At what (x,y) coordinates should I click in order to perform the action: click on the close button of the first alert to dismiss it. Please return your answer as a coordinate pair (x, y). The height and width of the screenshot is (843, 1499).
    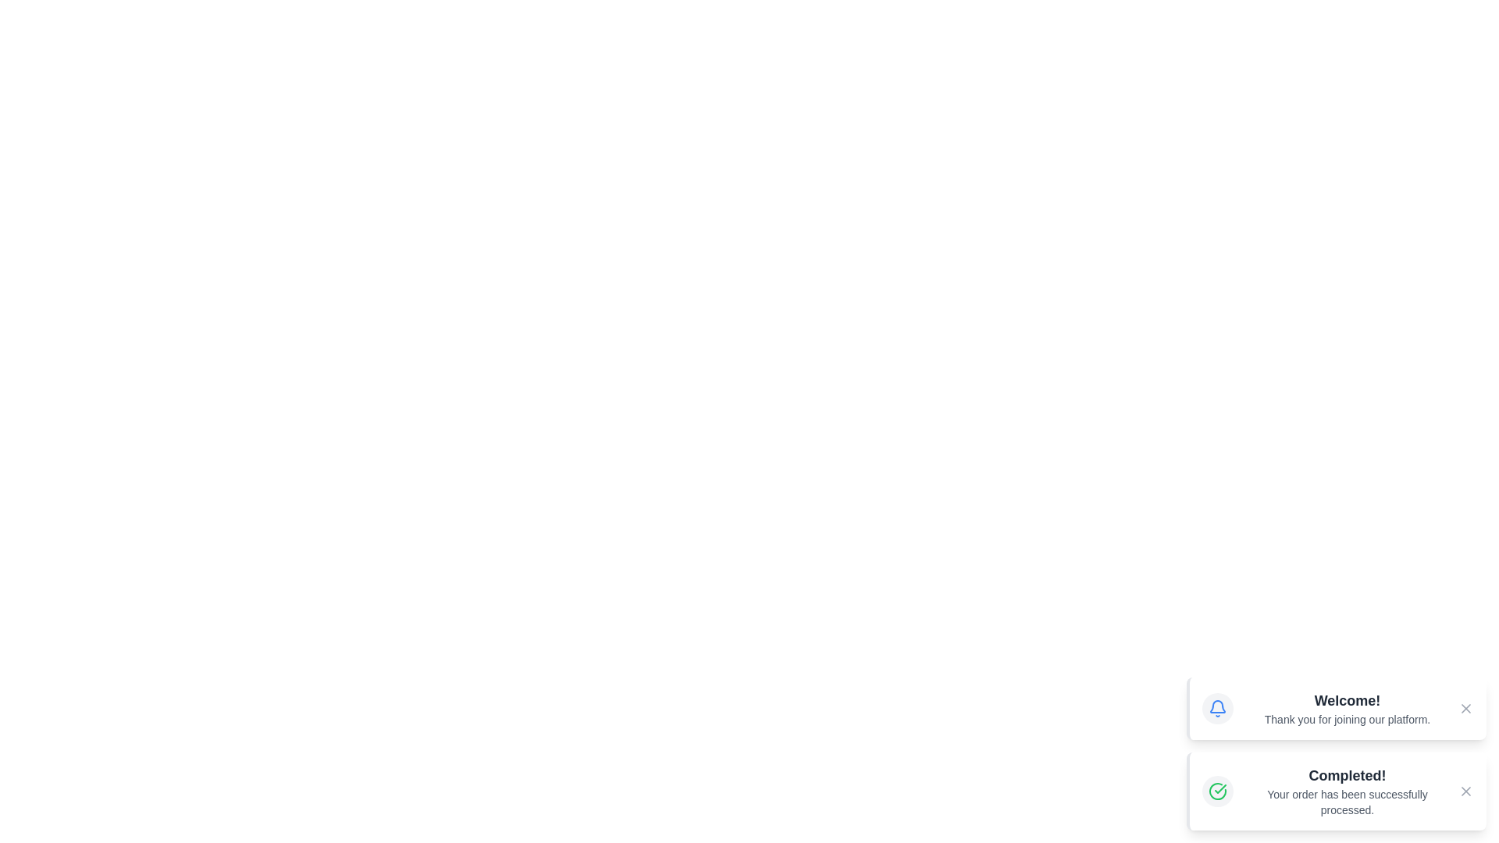
    Looking at the image, I should click on (1465, 708).